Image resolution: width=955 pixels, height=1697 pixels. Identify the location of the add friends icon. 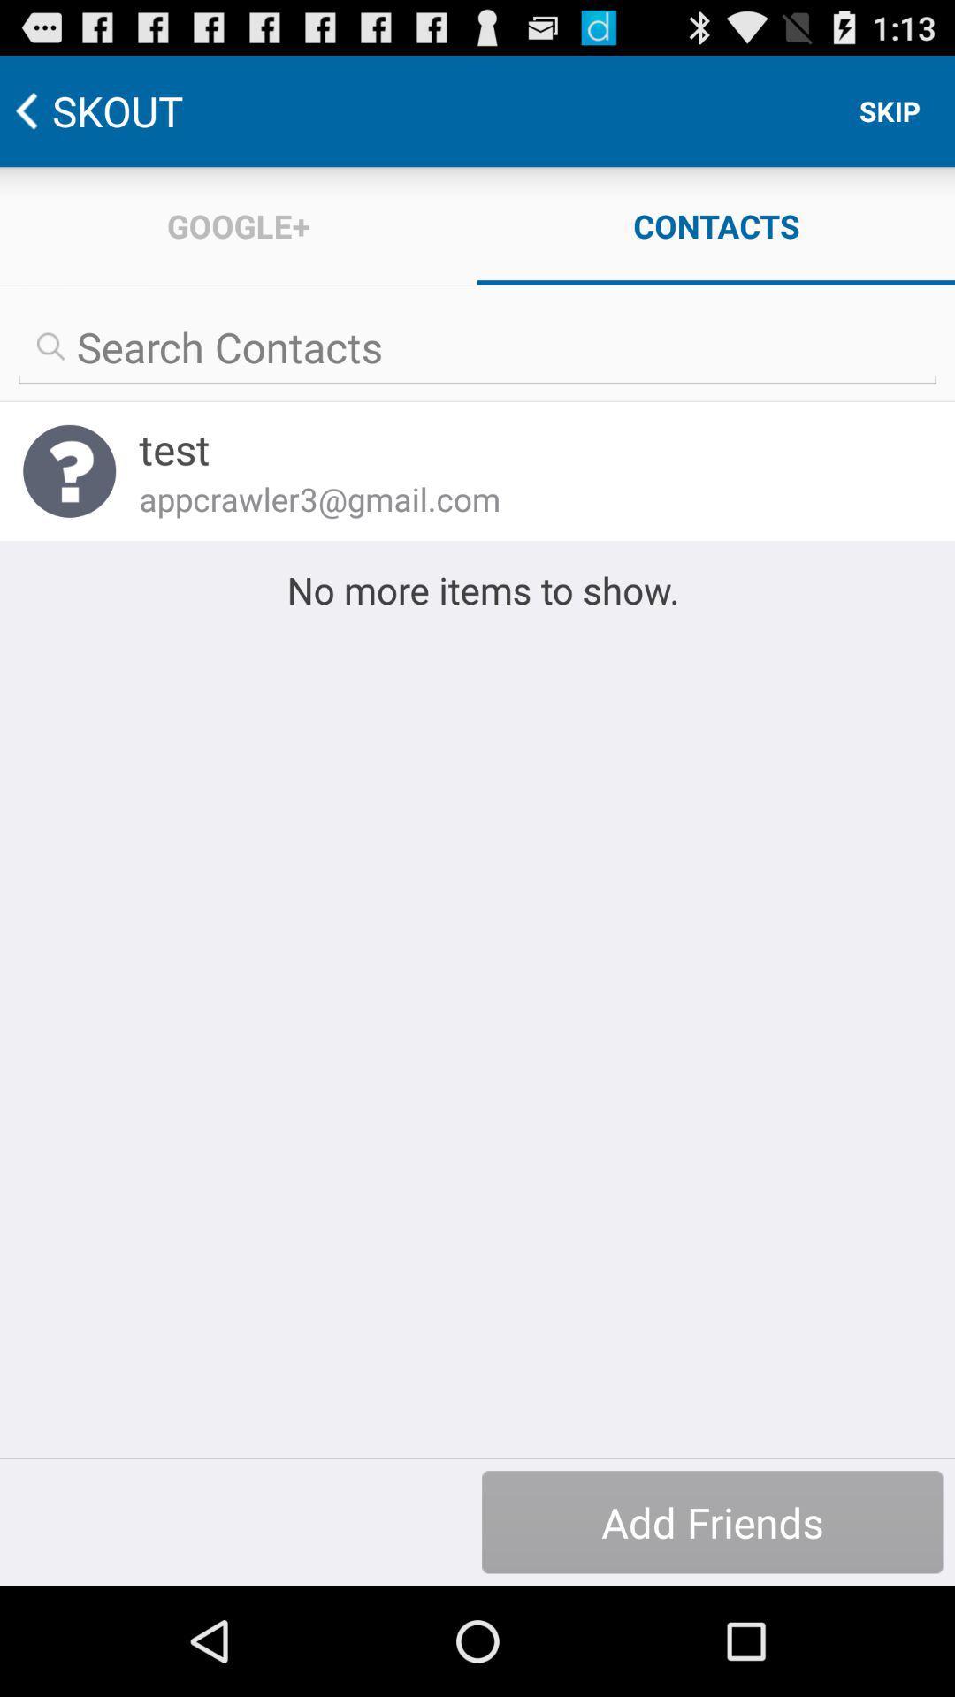
(711, 1521).